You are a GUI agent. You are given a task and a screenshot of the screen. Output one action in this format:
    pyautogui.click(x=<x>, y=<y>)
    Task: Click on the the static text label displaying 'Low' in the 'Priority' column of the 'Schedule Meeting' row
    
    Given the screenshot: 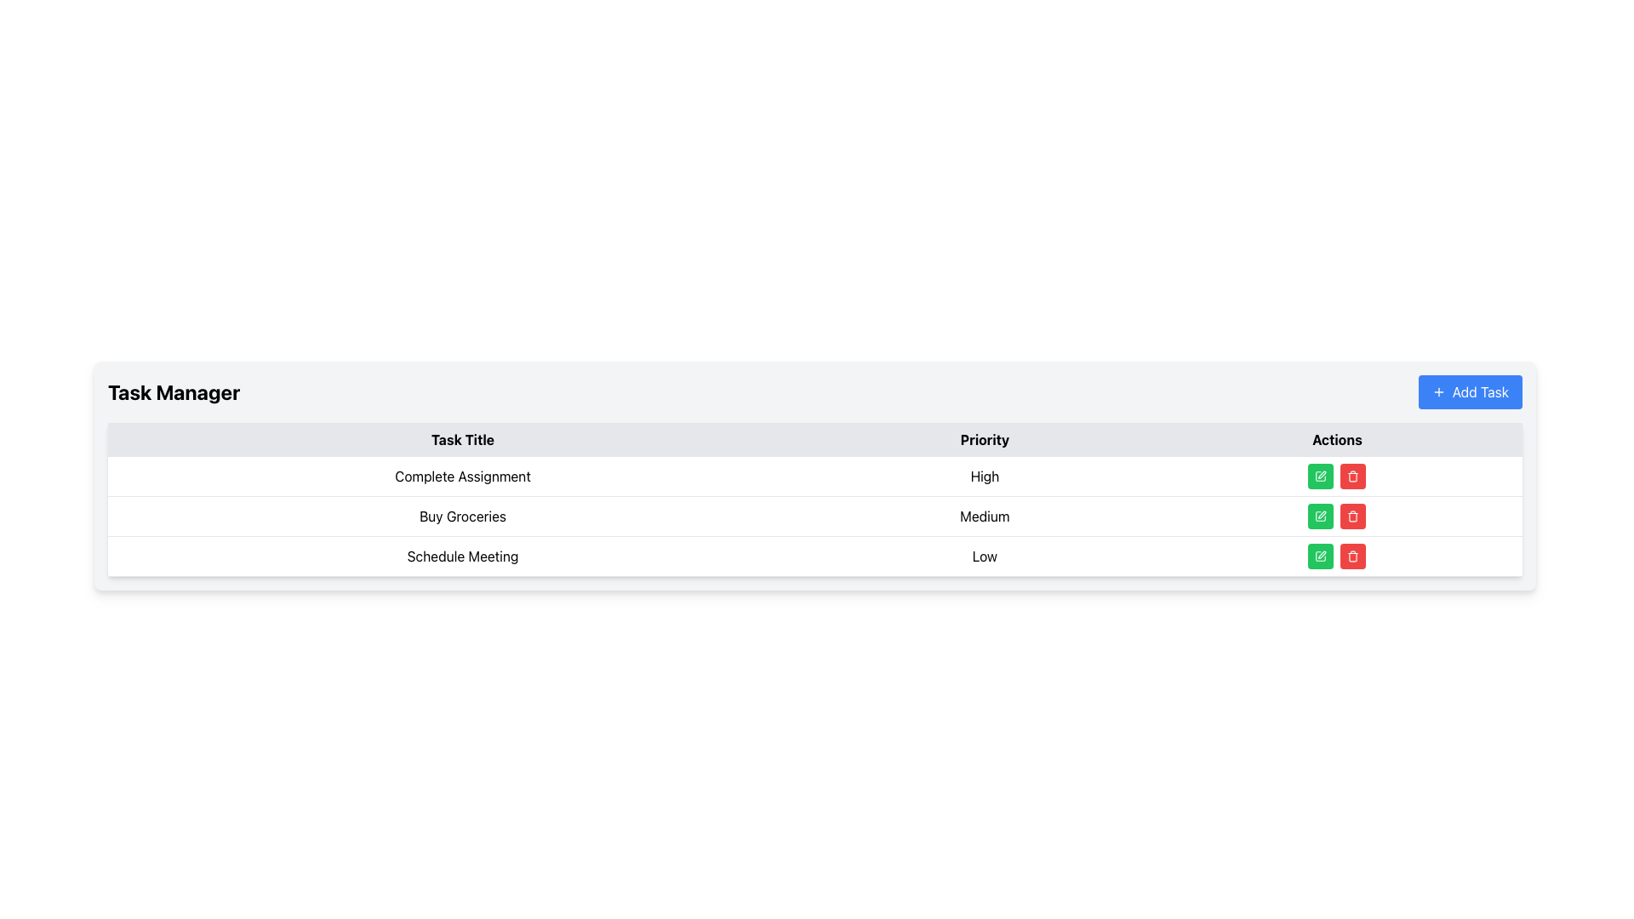 What is the action you would take?
    pyautogui.click(x=985, y=557)
    